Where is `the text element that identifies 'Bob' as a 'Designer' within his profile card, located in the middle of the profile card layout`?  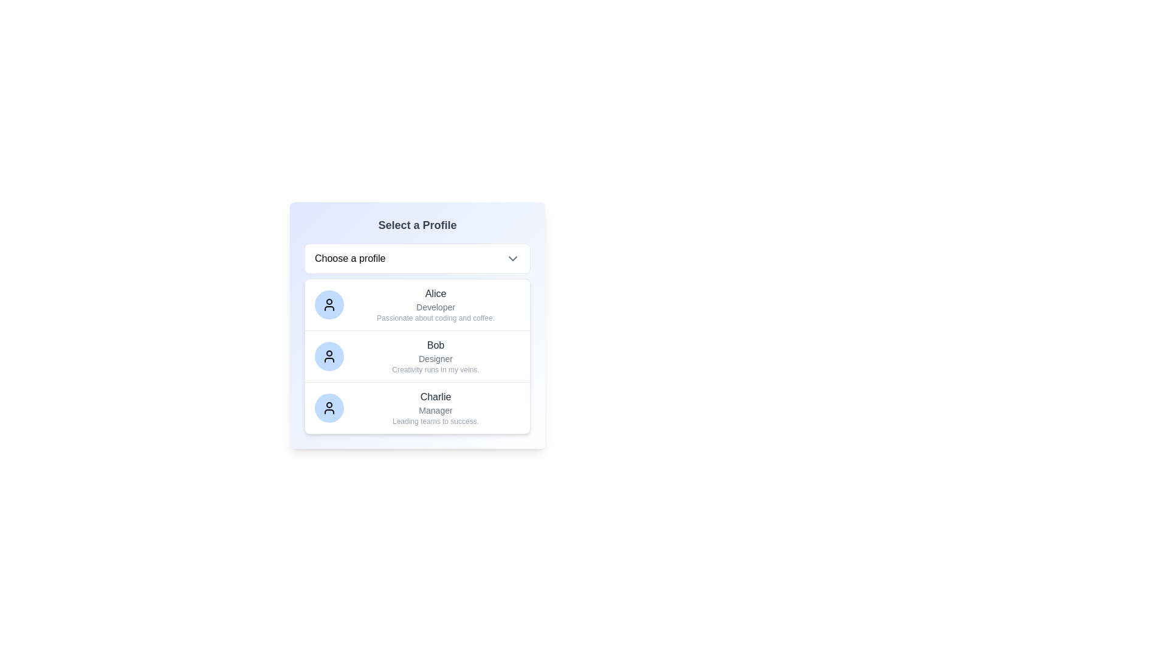 the text element that identifies 'Bob' as a 'Designer' within his profile card, located in the middle of the profile card layout is located at coordinates (435, 358).